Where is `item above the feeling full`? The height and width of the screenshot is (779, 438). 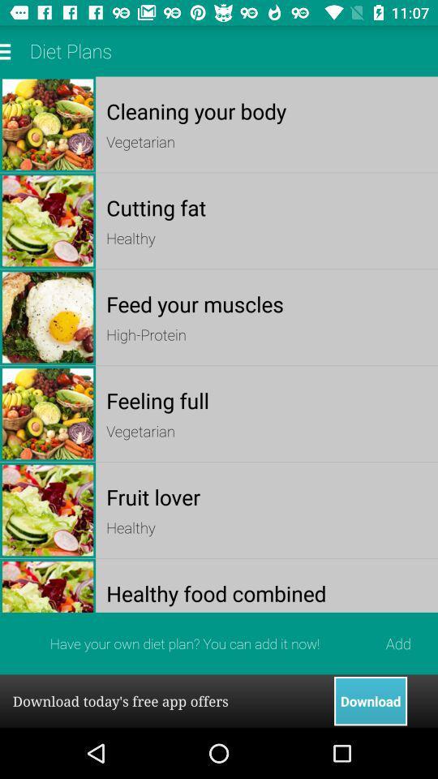 item above the feeling full is located at coordinates (267, 334).